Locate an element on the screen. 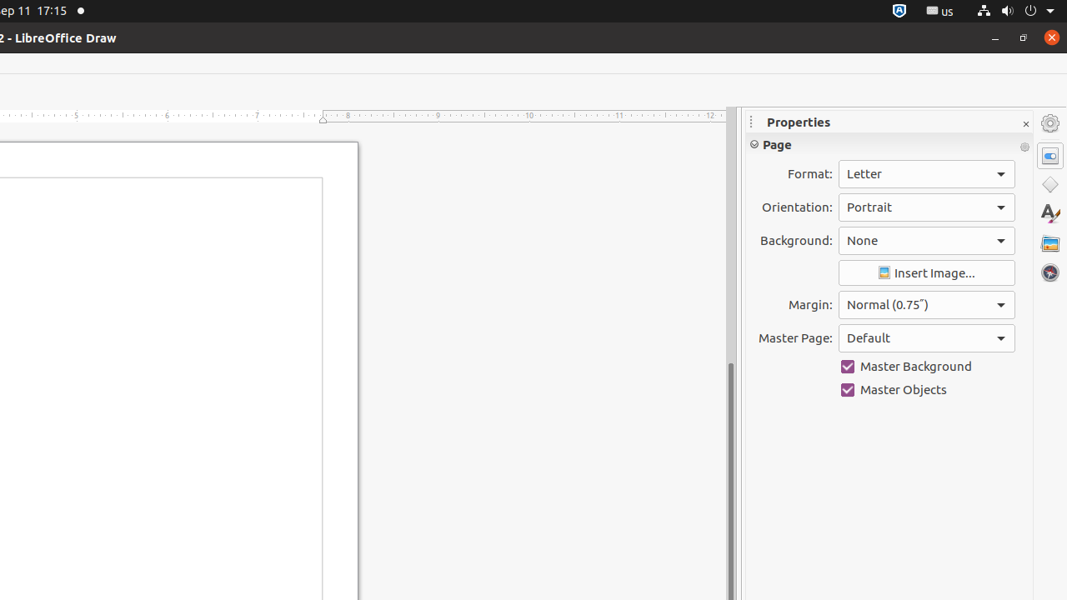  'Margin:' is located at coordinates (925, 304).